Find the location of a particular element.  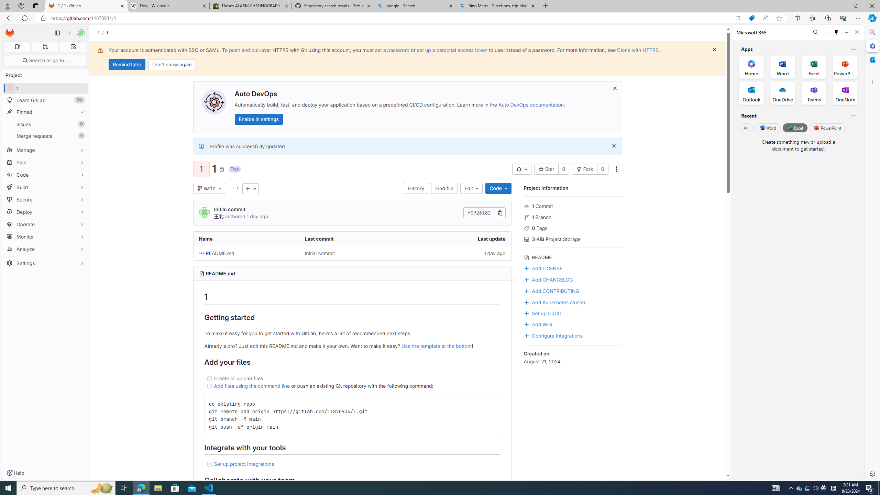

'Manage' is located at coordinates (45, 150).